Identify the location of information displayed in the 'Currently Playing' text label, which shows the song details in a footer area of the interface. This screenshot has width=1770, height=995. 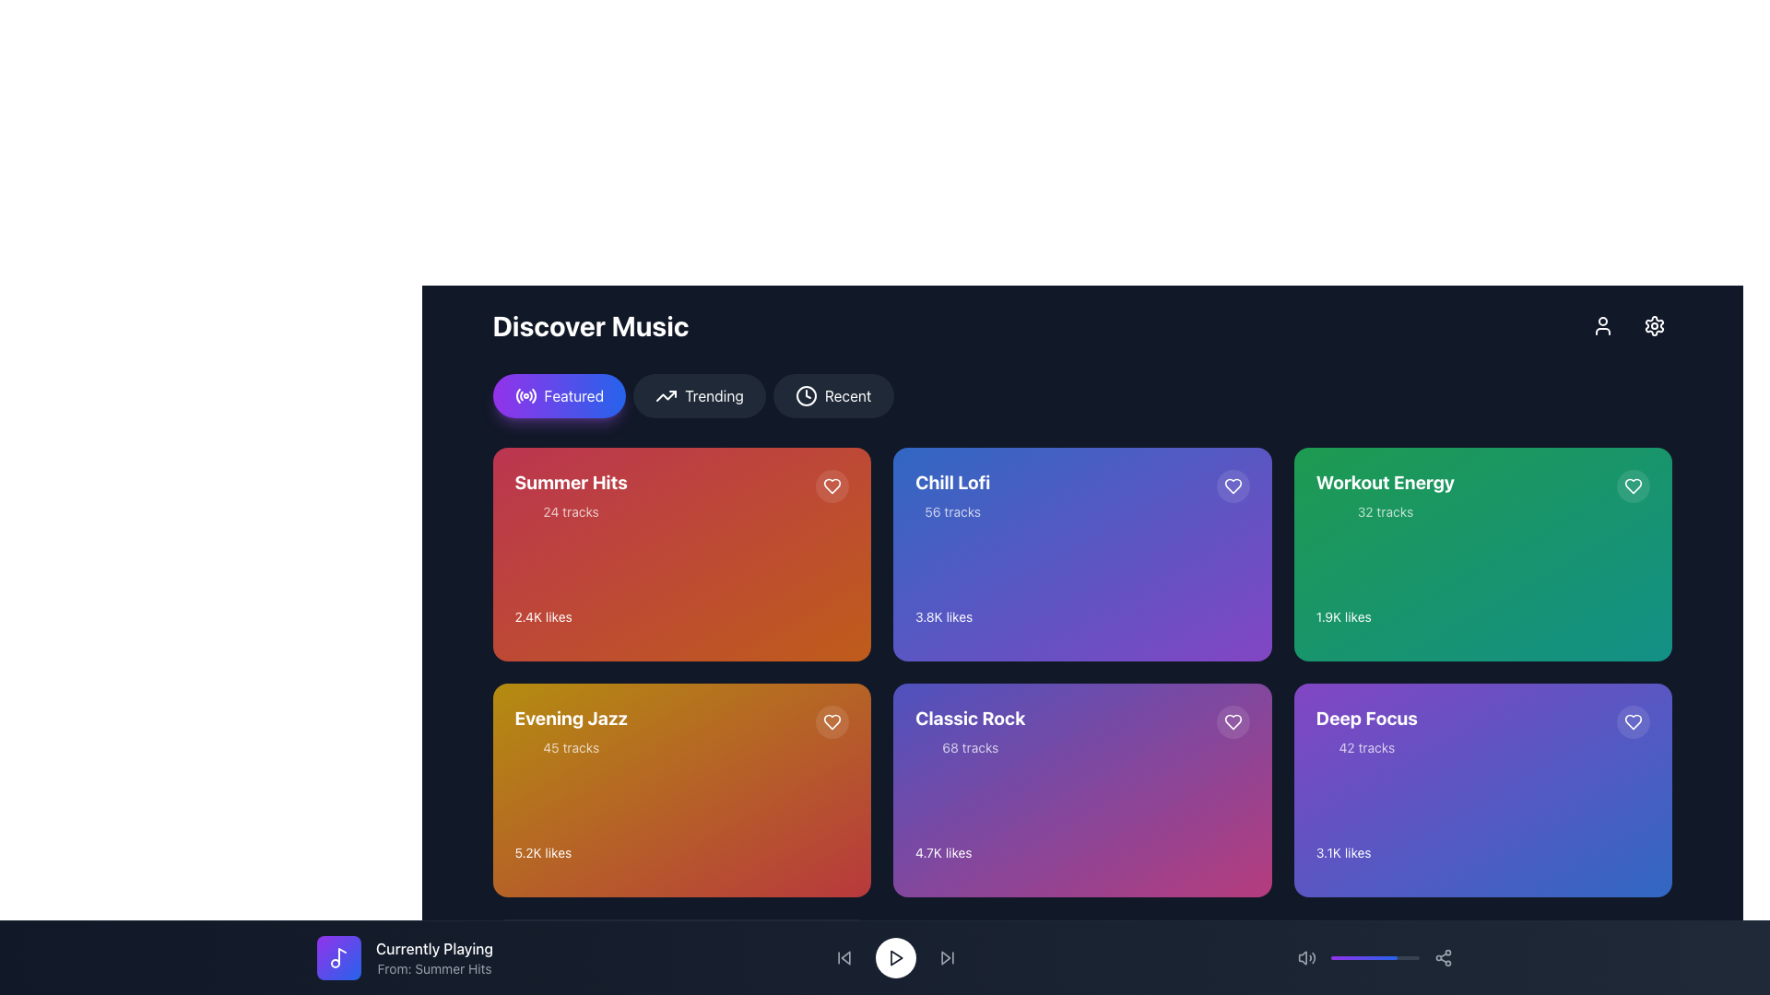
(433, 957).